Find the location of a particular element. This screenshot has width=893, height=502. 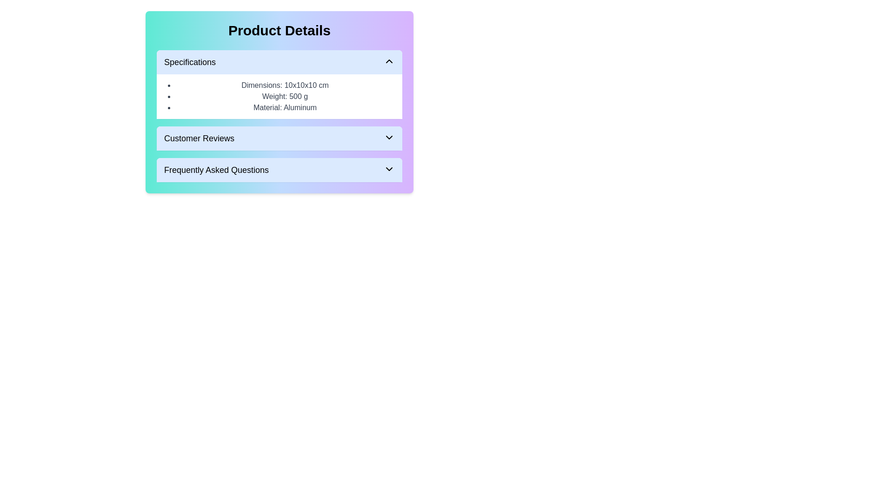

text label that communicates the dimensions of the product, located above 'Weight: 500 g' in the specifications section is located at coordinates (285, 86).